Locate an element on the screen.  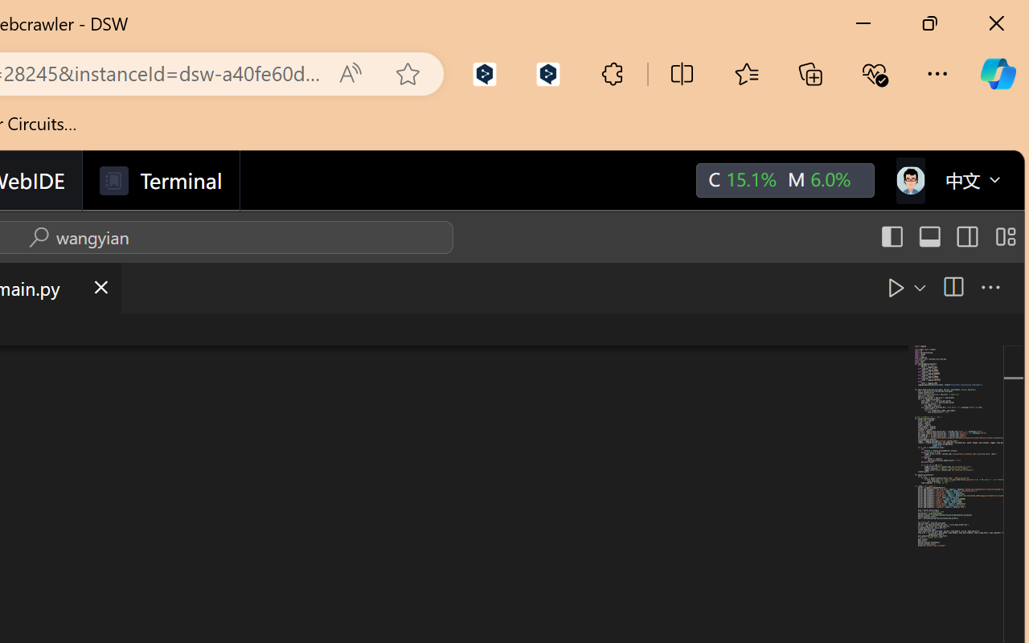
'Class: next-menu next-hoz widgets--iconMenu--BFkiHRM' is located at coordinates (909, 181).